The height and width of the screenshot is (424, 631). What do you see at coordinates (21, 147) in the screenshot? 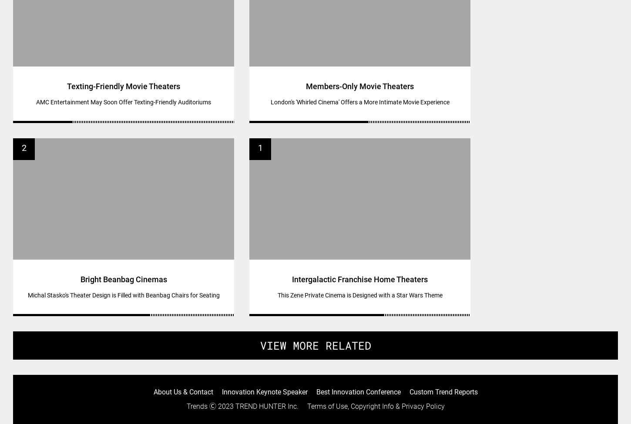
I see `'2'` at bounding box center [21, 147].